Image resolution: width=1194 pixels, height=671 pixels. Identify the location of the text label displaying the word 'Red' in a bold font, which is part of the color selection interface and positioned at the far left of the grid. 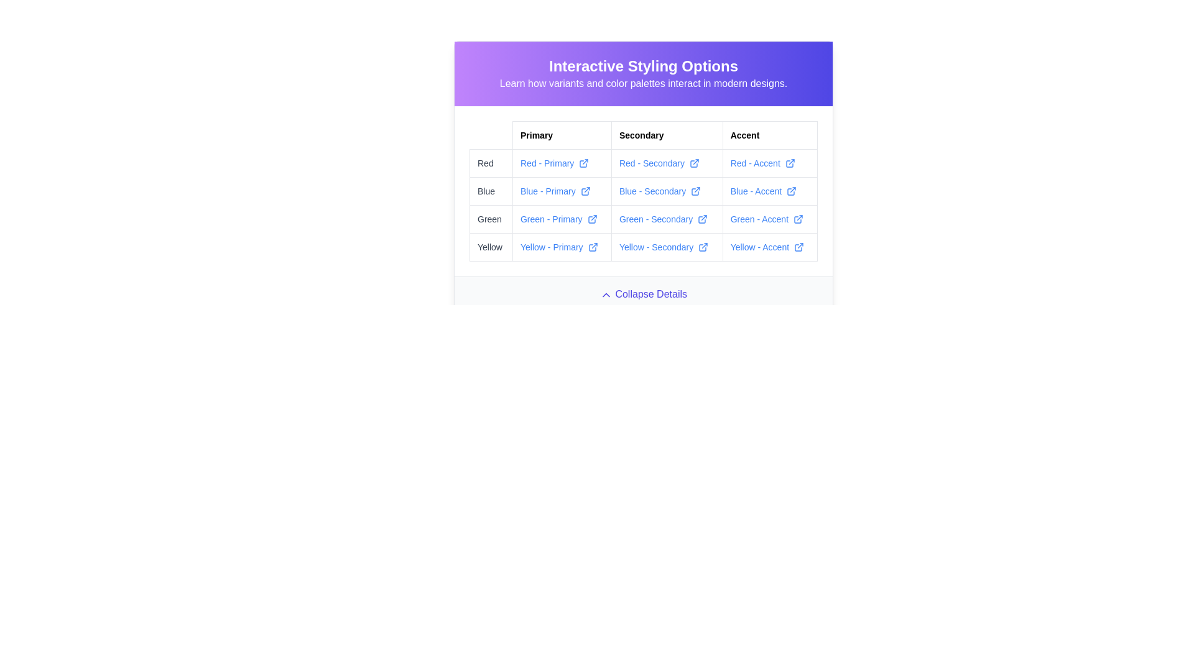
(491, 162).